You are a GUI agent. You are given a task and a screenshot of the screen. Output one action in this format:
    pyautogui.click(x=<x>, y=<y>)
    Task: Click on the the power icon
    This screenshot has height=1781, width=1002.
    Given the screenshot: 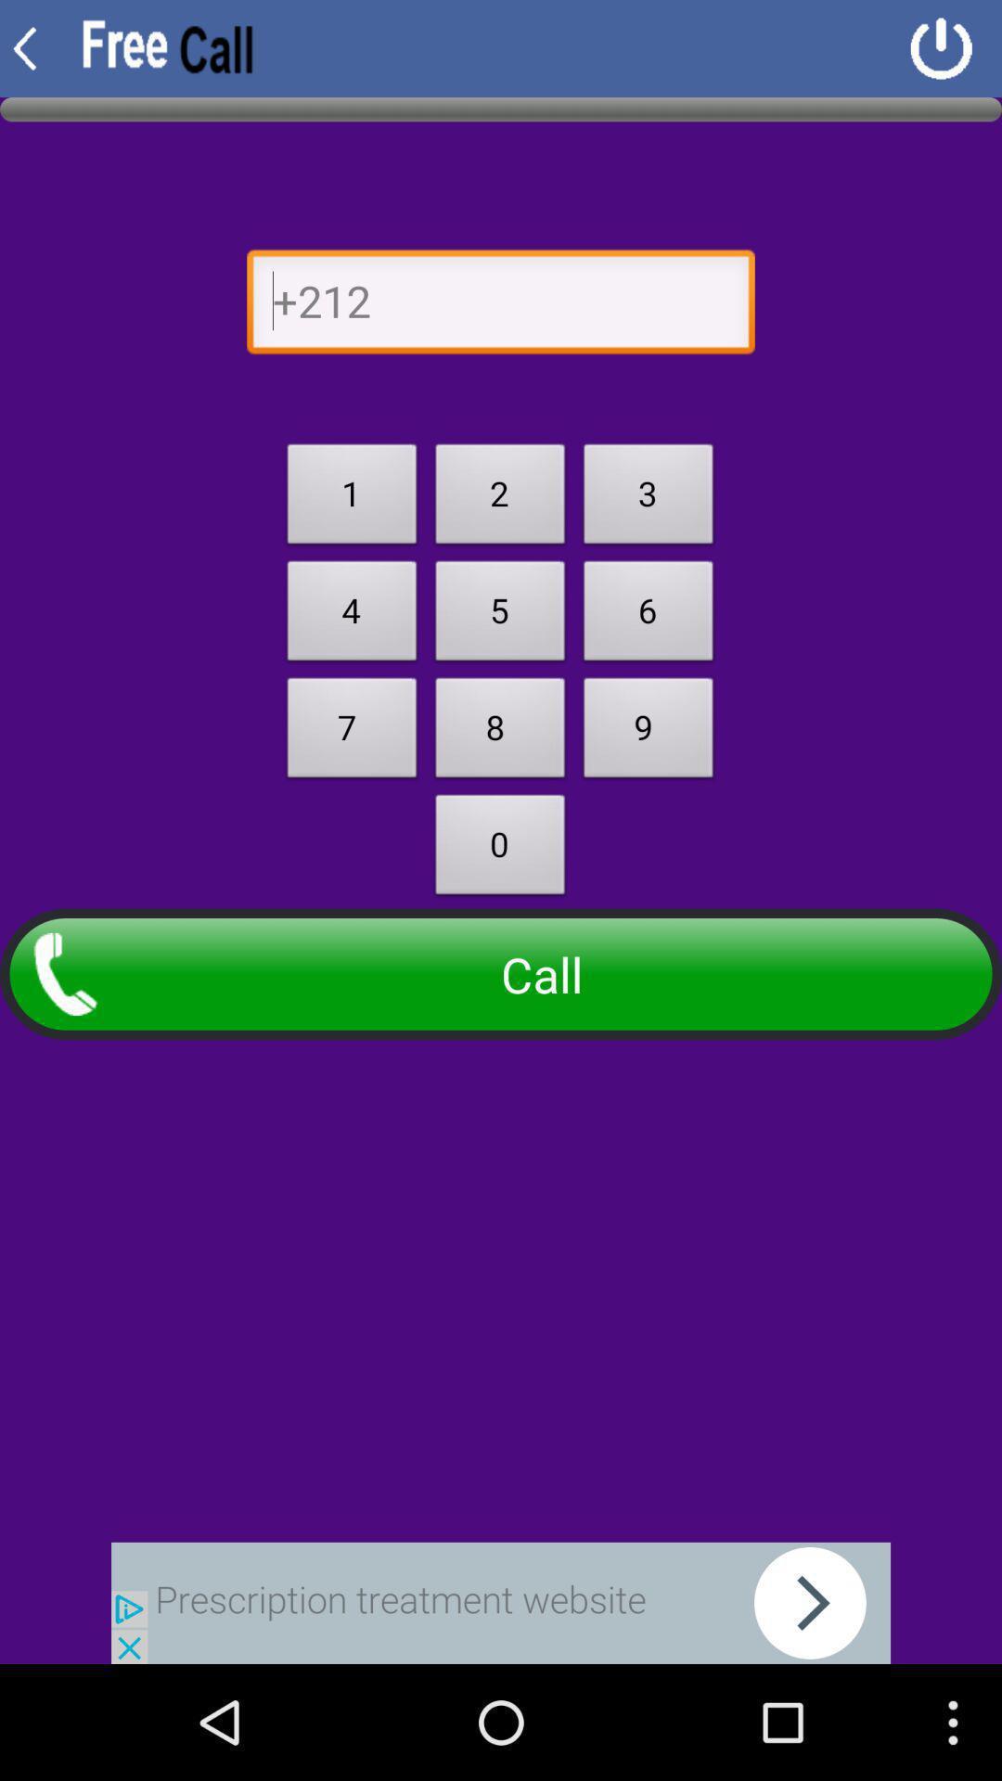 What is the action you would take?
    pyautogui.click(x=941, y=52)
    